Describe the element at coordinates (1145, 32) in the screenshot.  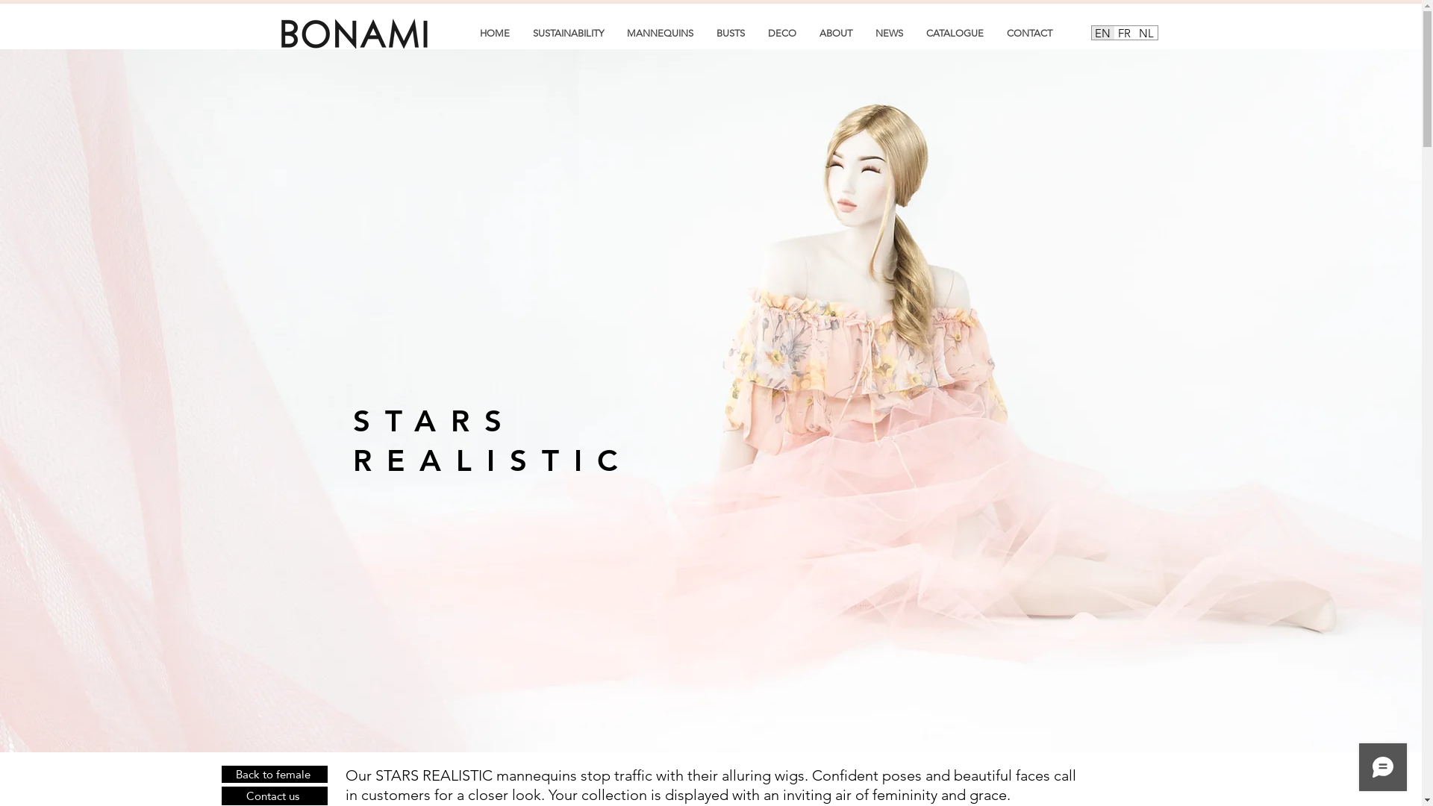
I see `'NL'` at that location.